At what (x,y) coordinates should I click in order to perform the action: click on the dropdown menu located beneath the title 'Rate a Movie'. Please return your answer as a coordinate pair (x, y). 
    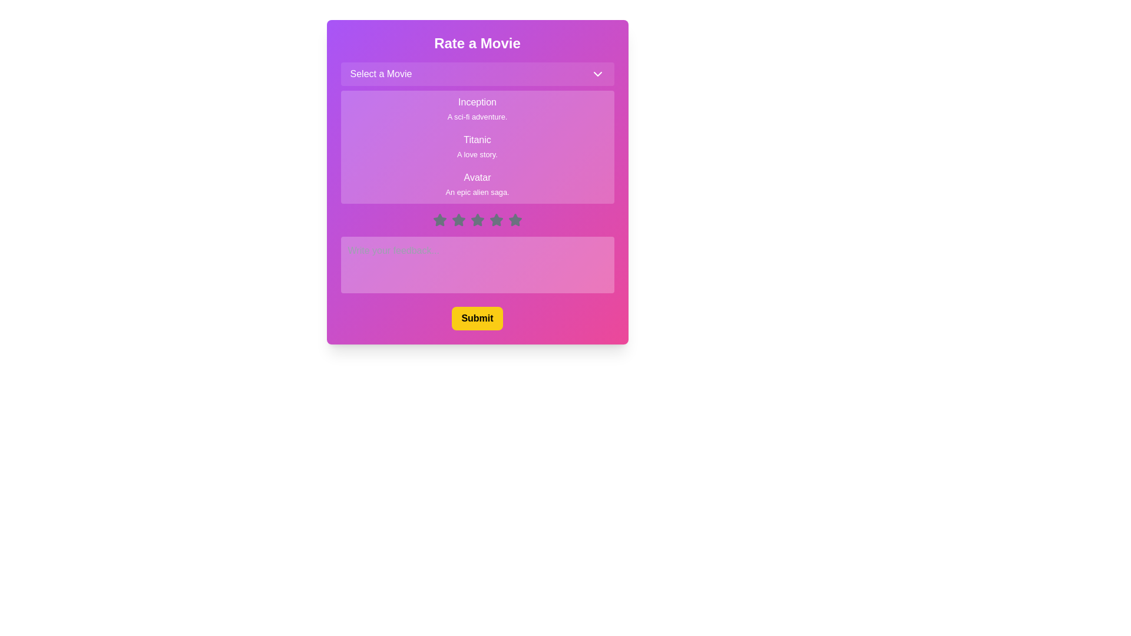
    Looking at the image, I should click on (477, 74).